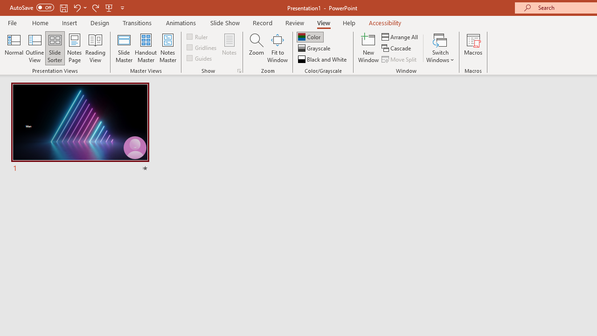 The image size is (597, 336). What do you see at coordinates (197, 36) in the screenshot?
I see `'Ruler'` at bounding box center [197, 36].